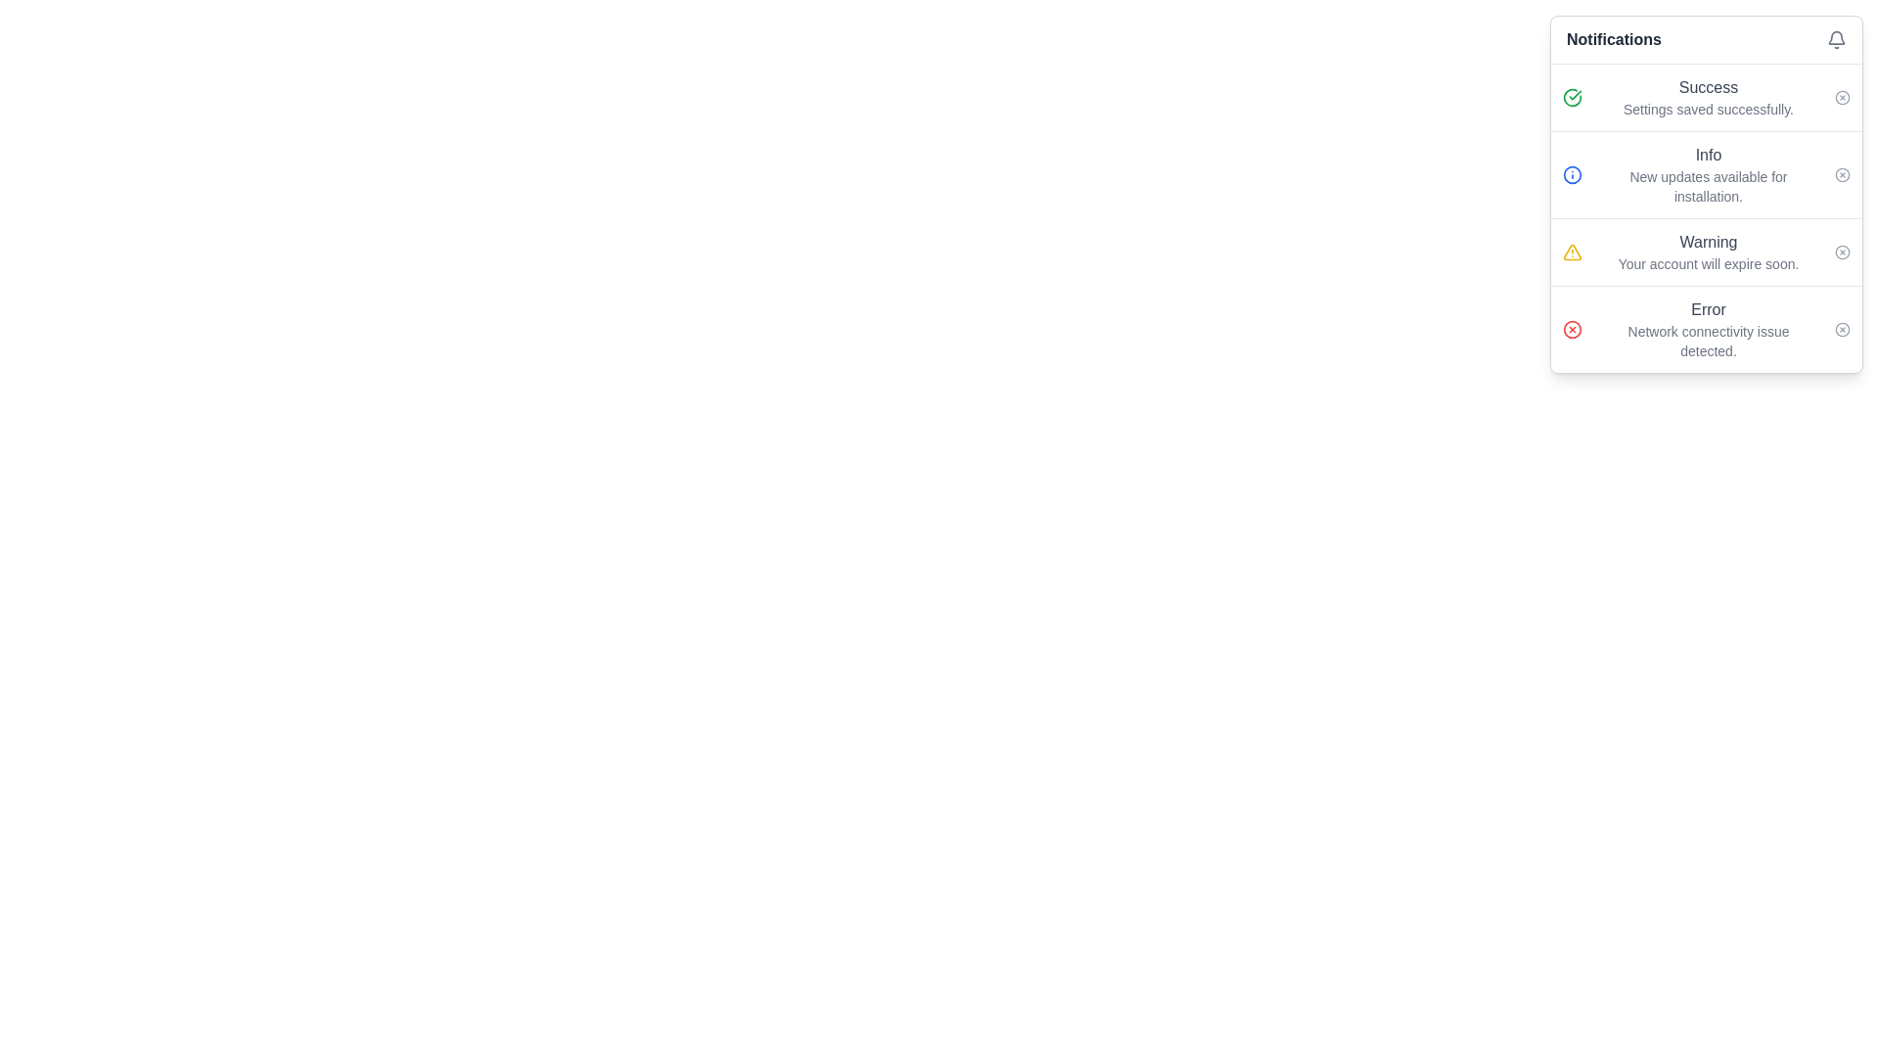 This screenshot has width=1879, height=1057. Describe the element at coordinates (1705, 173) in the screenshot. I see `the dismiss icon of the second notification item in the vertically stacked list of notifications` at that location.